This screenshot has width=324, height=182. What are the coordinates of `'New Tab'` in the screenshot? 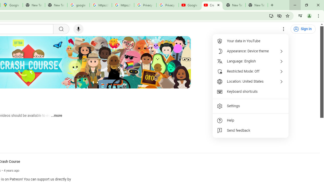 It's located at (257, 5).